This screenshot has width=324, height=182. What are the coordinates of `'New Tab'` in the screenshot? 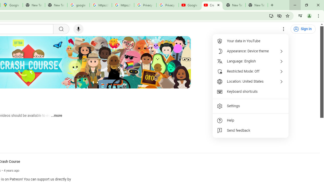 It's located at (257, 5).